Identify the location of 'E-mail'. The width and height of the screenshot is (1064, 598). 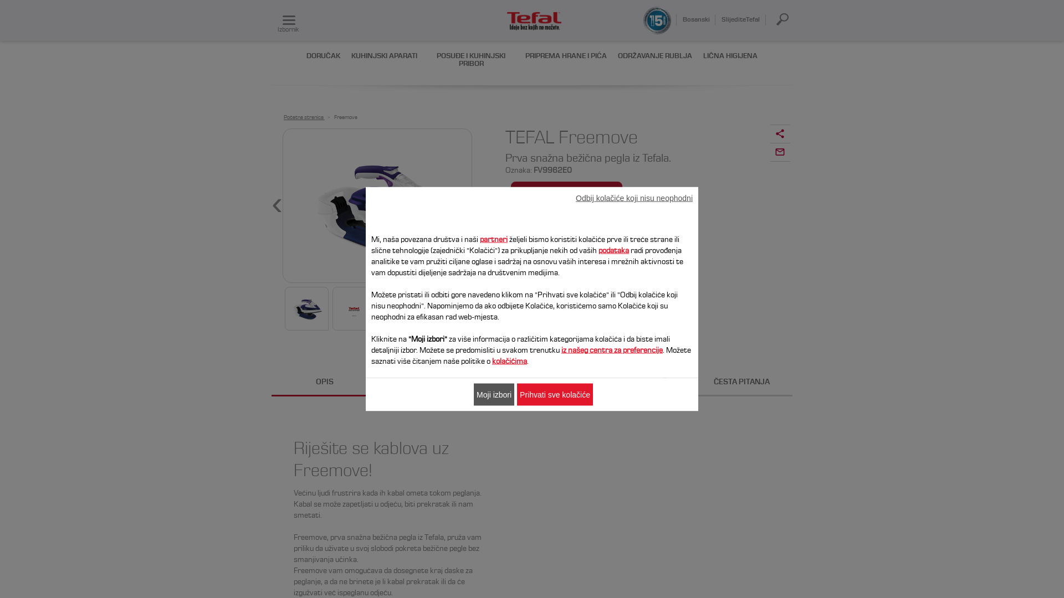
(779, 152).